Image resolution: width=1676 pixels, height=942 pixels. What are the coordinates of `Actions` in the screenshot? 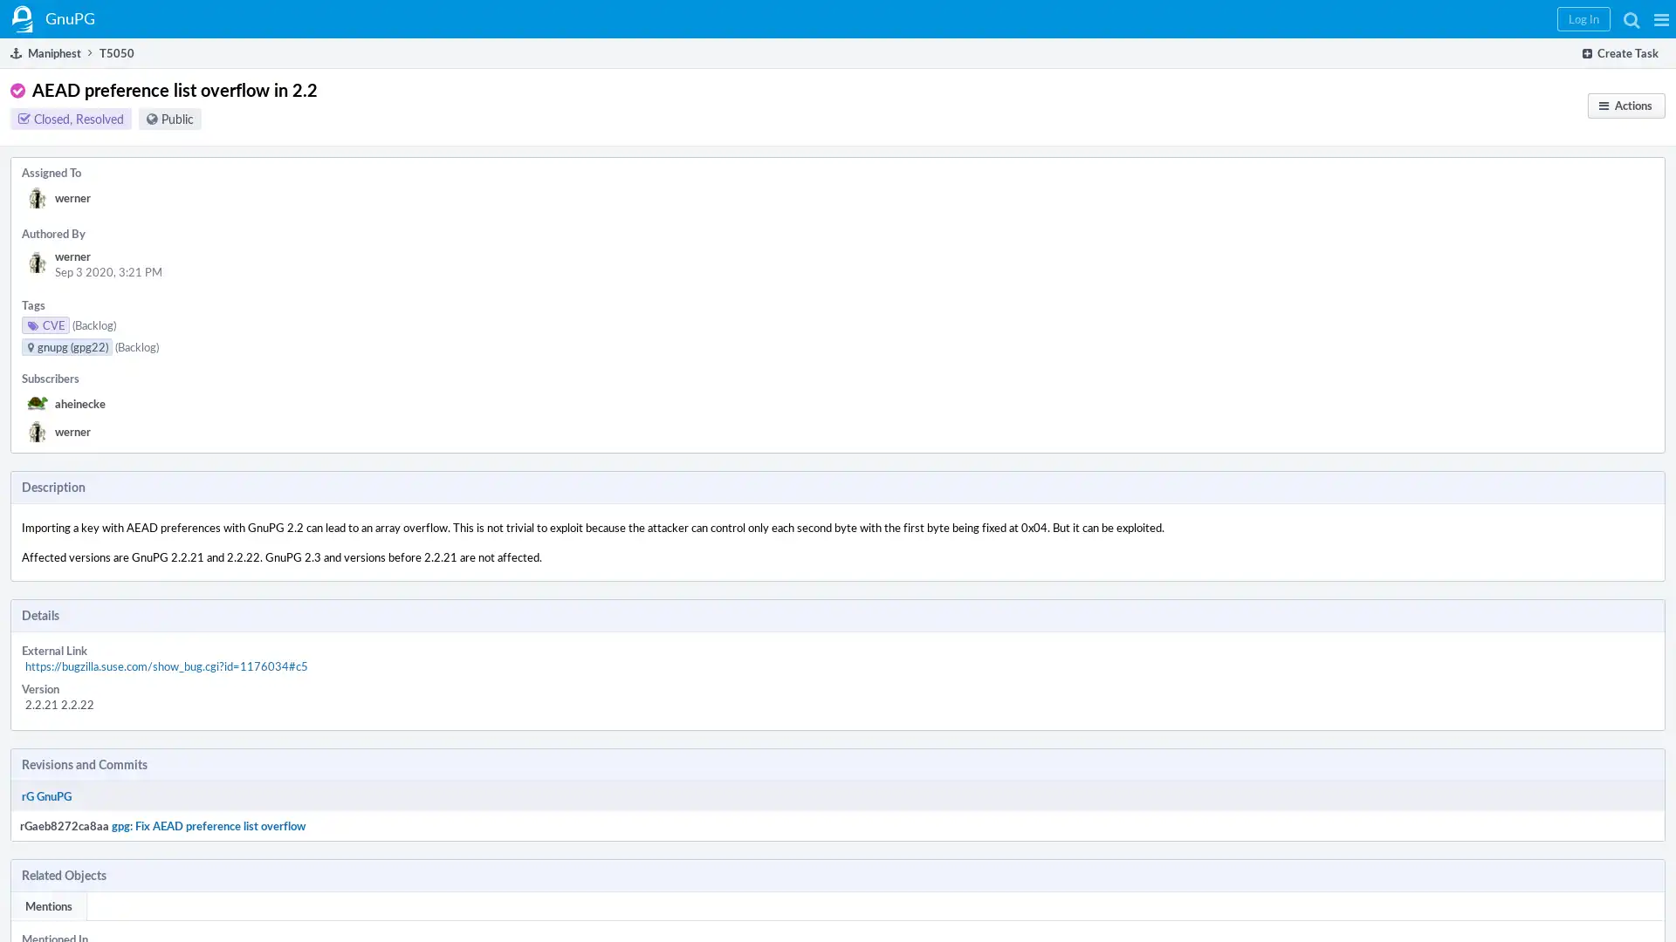 It's located at (1625, 105).